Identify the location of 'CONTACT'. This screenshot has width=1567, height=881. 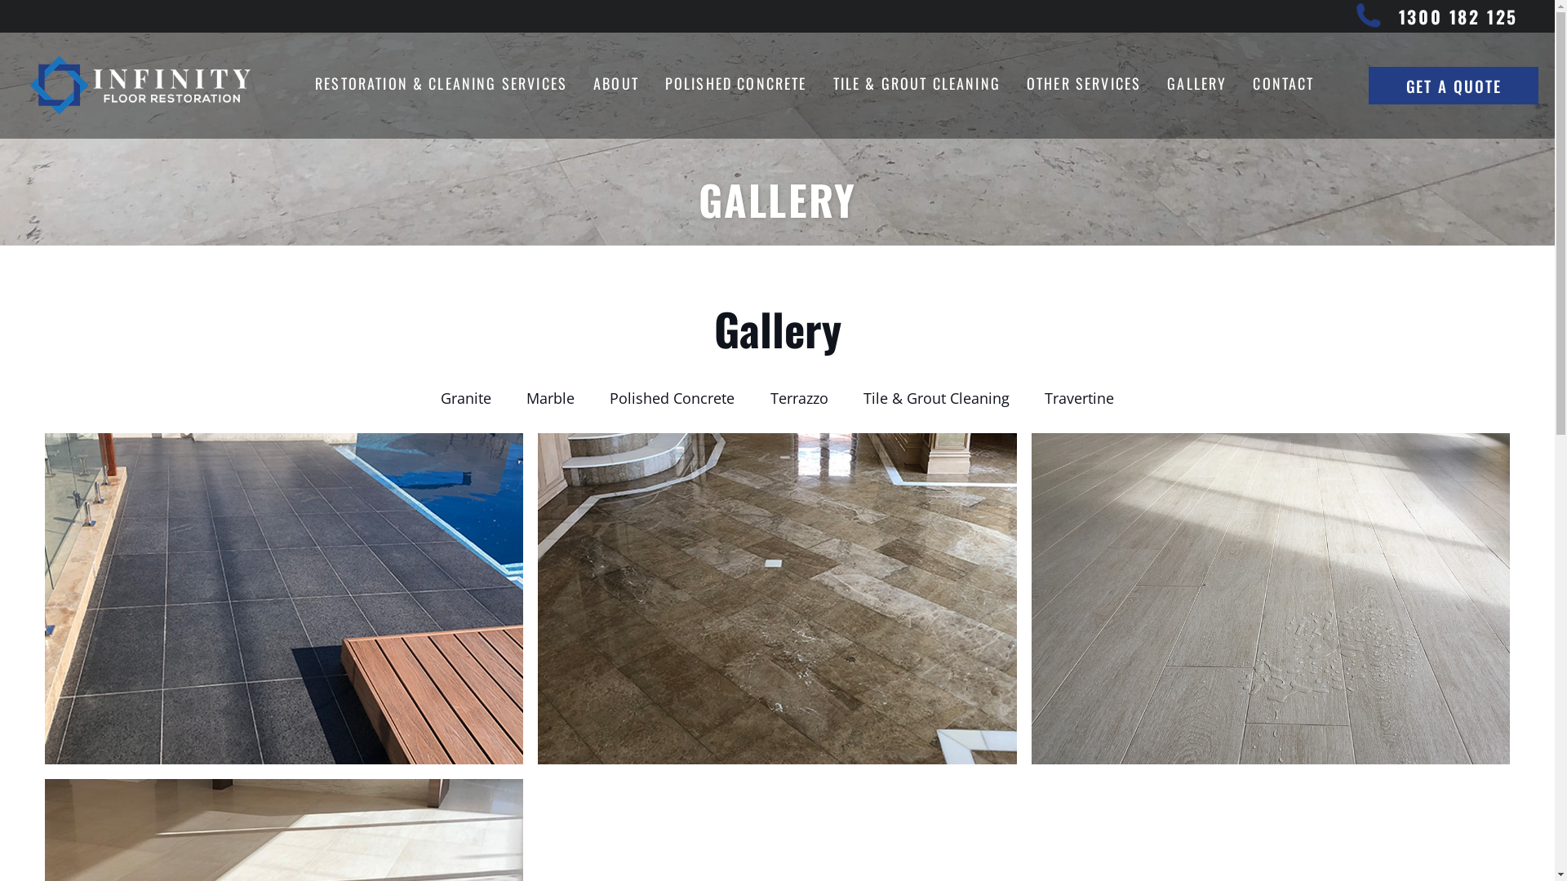
(1282, 85).